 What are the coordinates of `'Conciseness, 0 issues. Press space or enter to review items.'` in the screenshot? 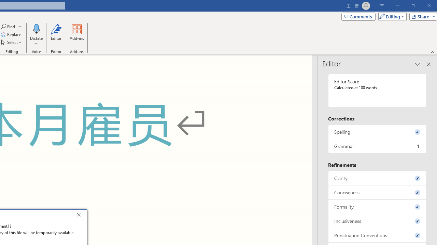 It's located at (377, 192).